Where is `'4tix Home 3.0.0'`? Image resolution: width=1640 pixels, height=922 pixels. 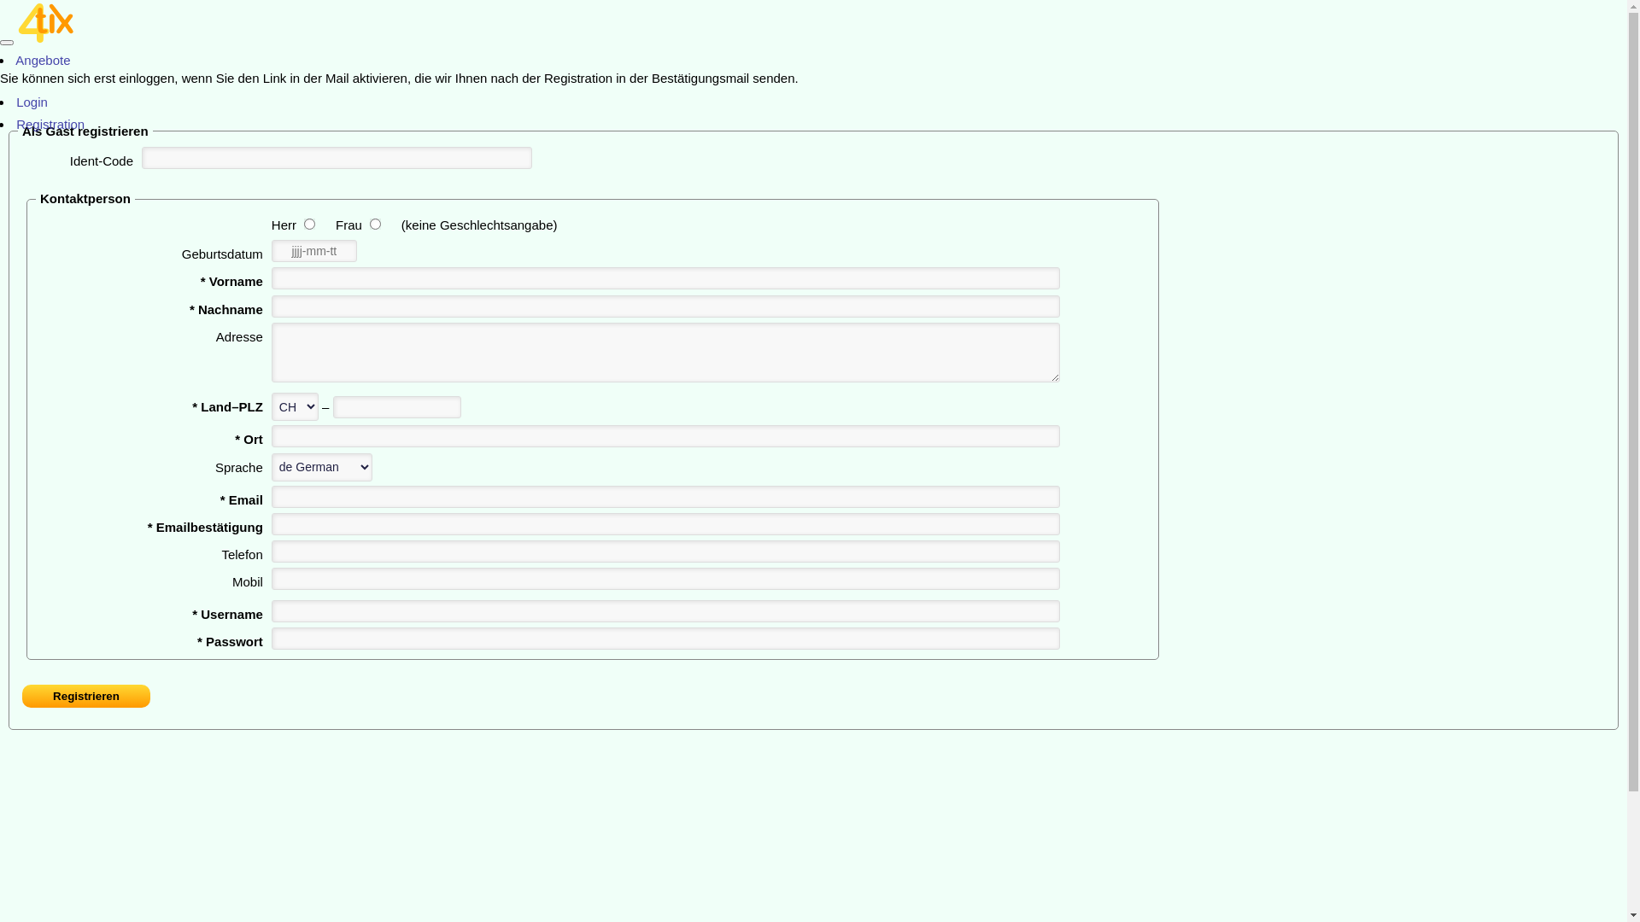
'4tix Home 3.0.0' is located at coordinates (812, 24).